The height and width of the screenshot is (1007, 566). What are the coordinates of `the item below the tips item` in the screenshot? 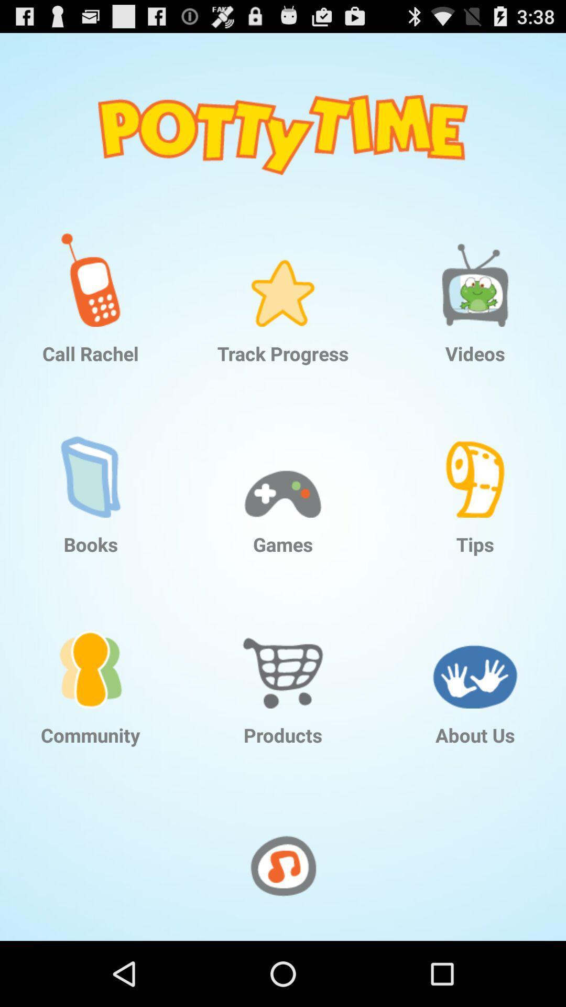 It's located at (475, 652).